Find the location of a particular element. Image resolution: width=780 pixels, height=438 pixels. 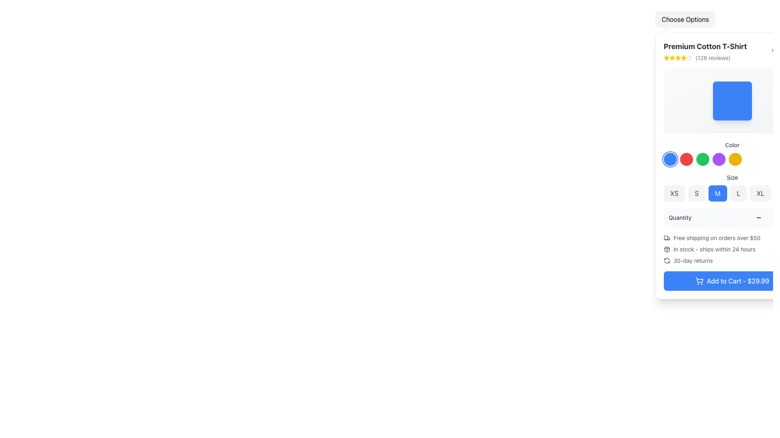

the rectangular button labeled 'XS' with a light gray background is located at coordinates (674, 193).